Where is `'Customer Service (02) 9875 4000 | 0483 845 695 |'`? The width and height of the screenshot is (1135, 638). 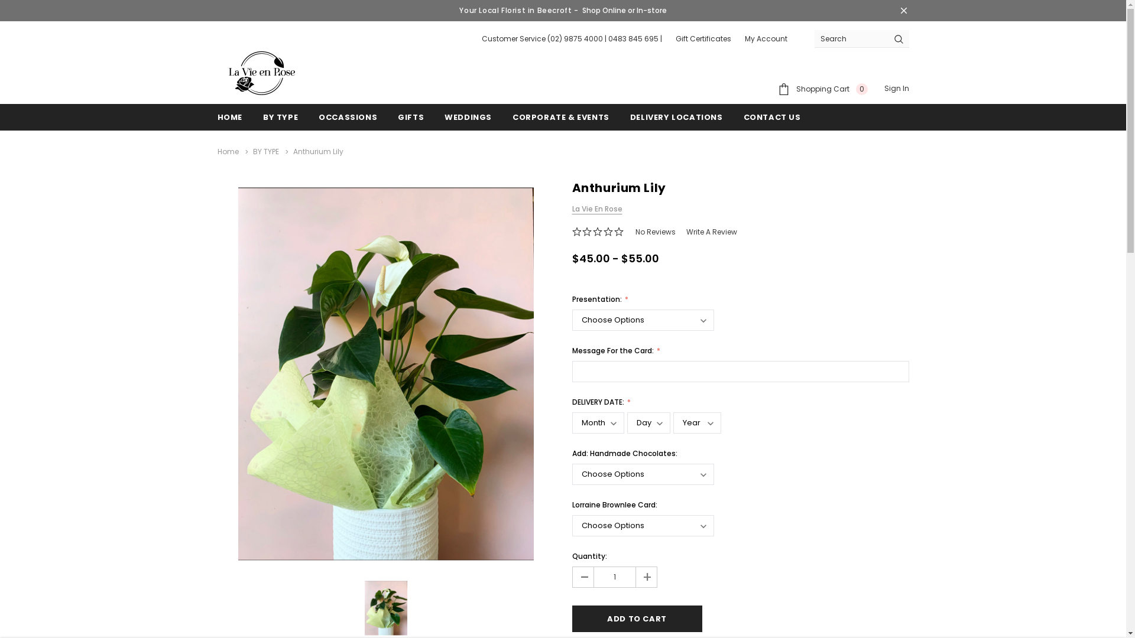 'Customer Service (02) 9875 4000 | 0483 845 695 |' is located at coordinates (571, 38).